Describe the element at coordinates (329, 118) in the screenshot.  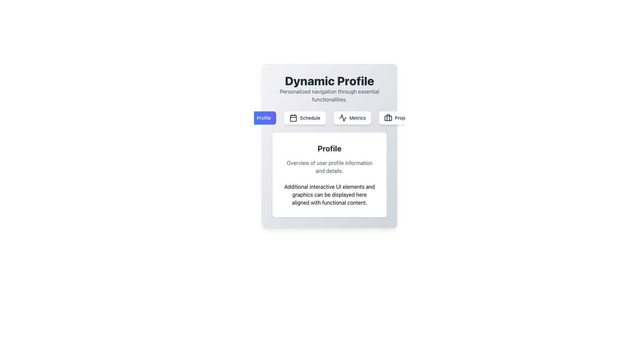
I see `the 'Metrics' button in the navigation bar under 'Dynamic Profile'` at that location.